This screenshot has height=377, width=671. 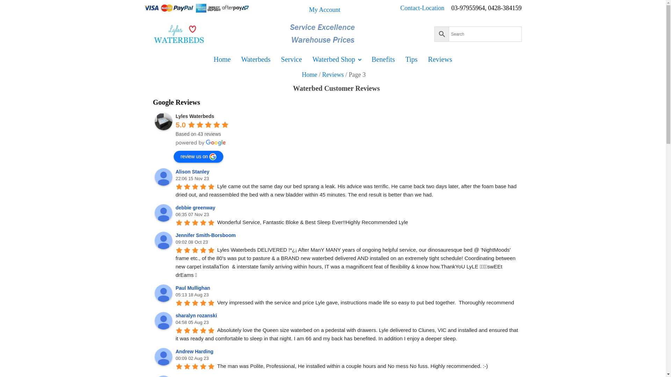 What do you see at coordinates (451, 10) in the screenshot?
I see `'03-97955964, 0428-384159'` at bounding box center [451, 10].